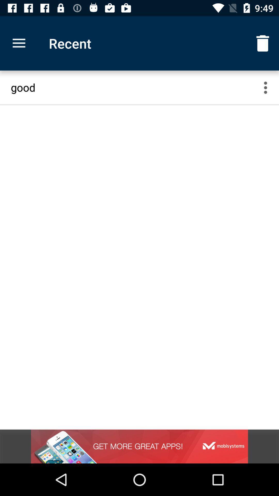  Describe the element at coordinates (268, 87) in the screenshot. I see `the icon to the right of the good item` at that location.